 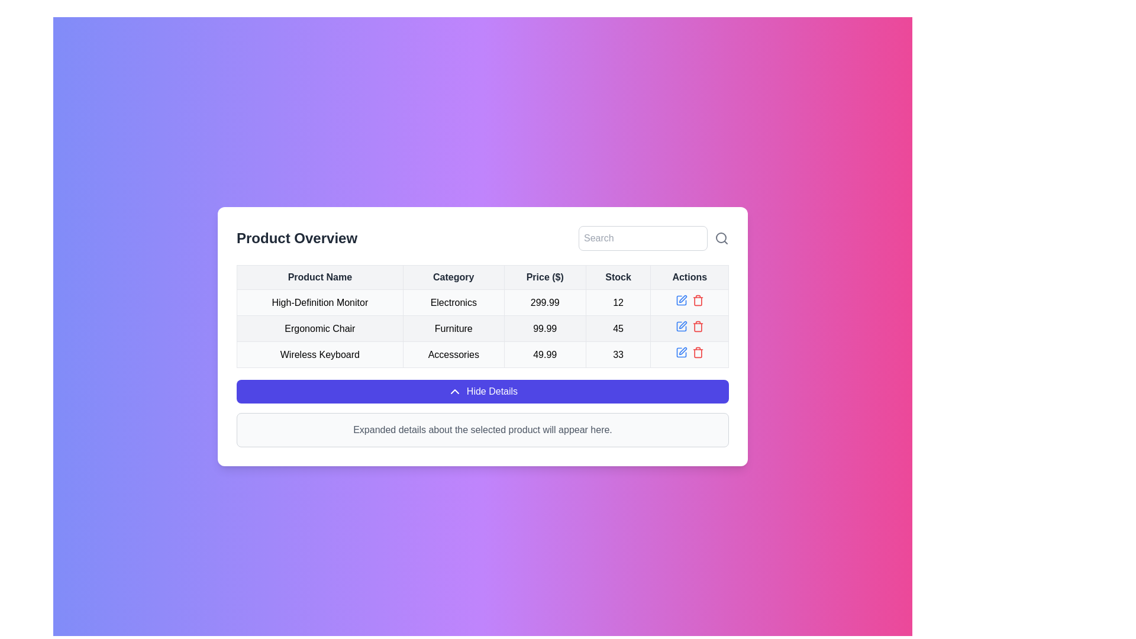 What do you see at coordinates (618, 277) in the screenshot?
I see `the table header cell labeled 'Stock', which is the fourth cell in the header row, containing bold, dark text on a light gray background` at bounding box center [618, 277].